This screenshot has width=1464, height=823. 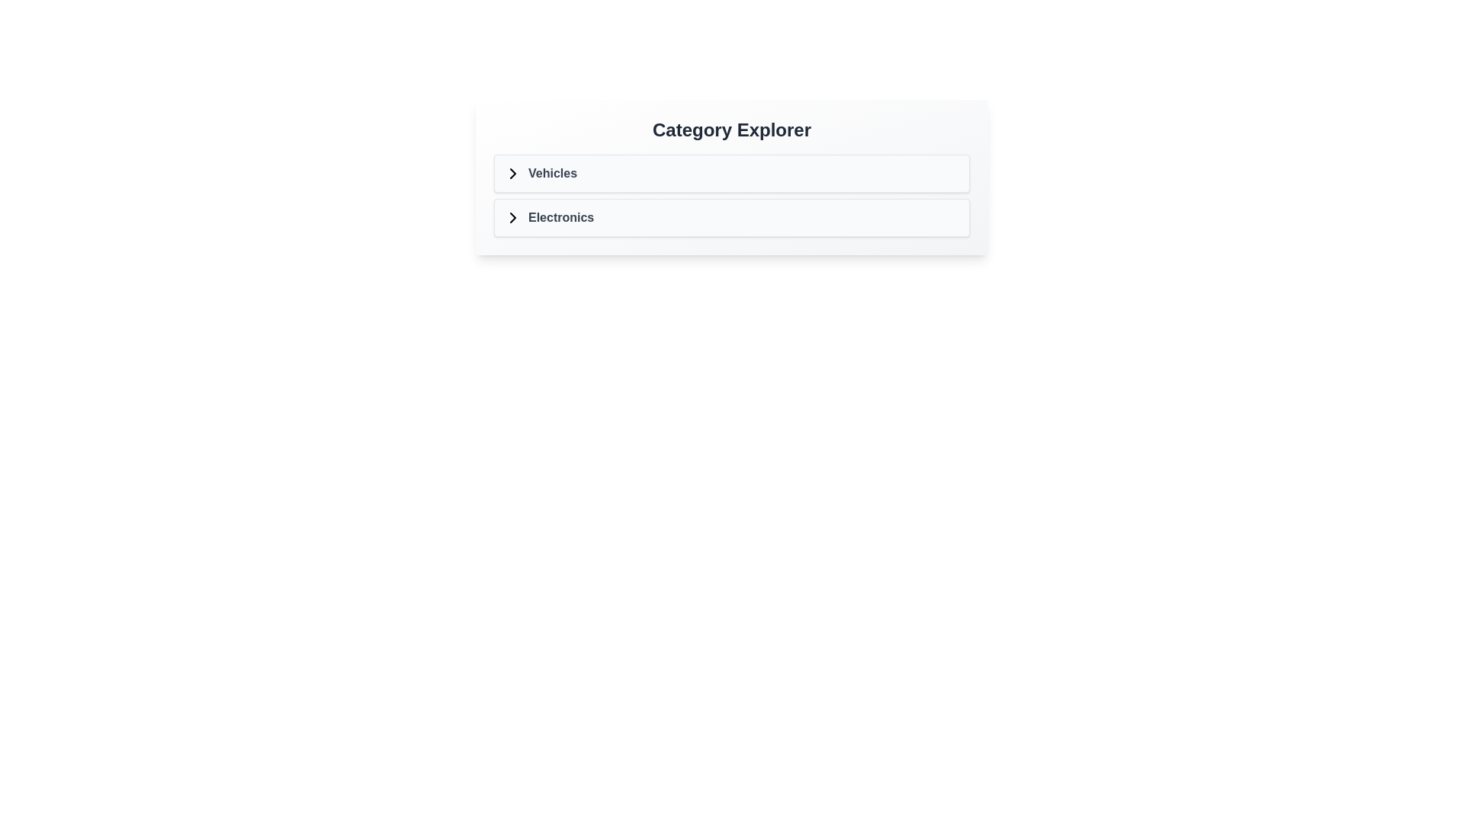 I want to click on static text header labeled 'Category Explorer', which is prominently displayed in large, bold typography at the top section of the viewport, so click(x=732, y=129).